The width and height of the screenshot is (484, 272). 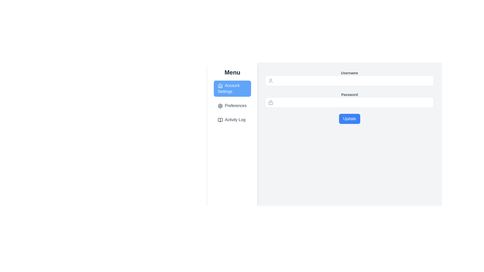 What do you see at coordinates (232, 103) in the screenshot?
I see `the 'Preferences' text in the vertical navigation menu` at bounding box center [232, 103].